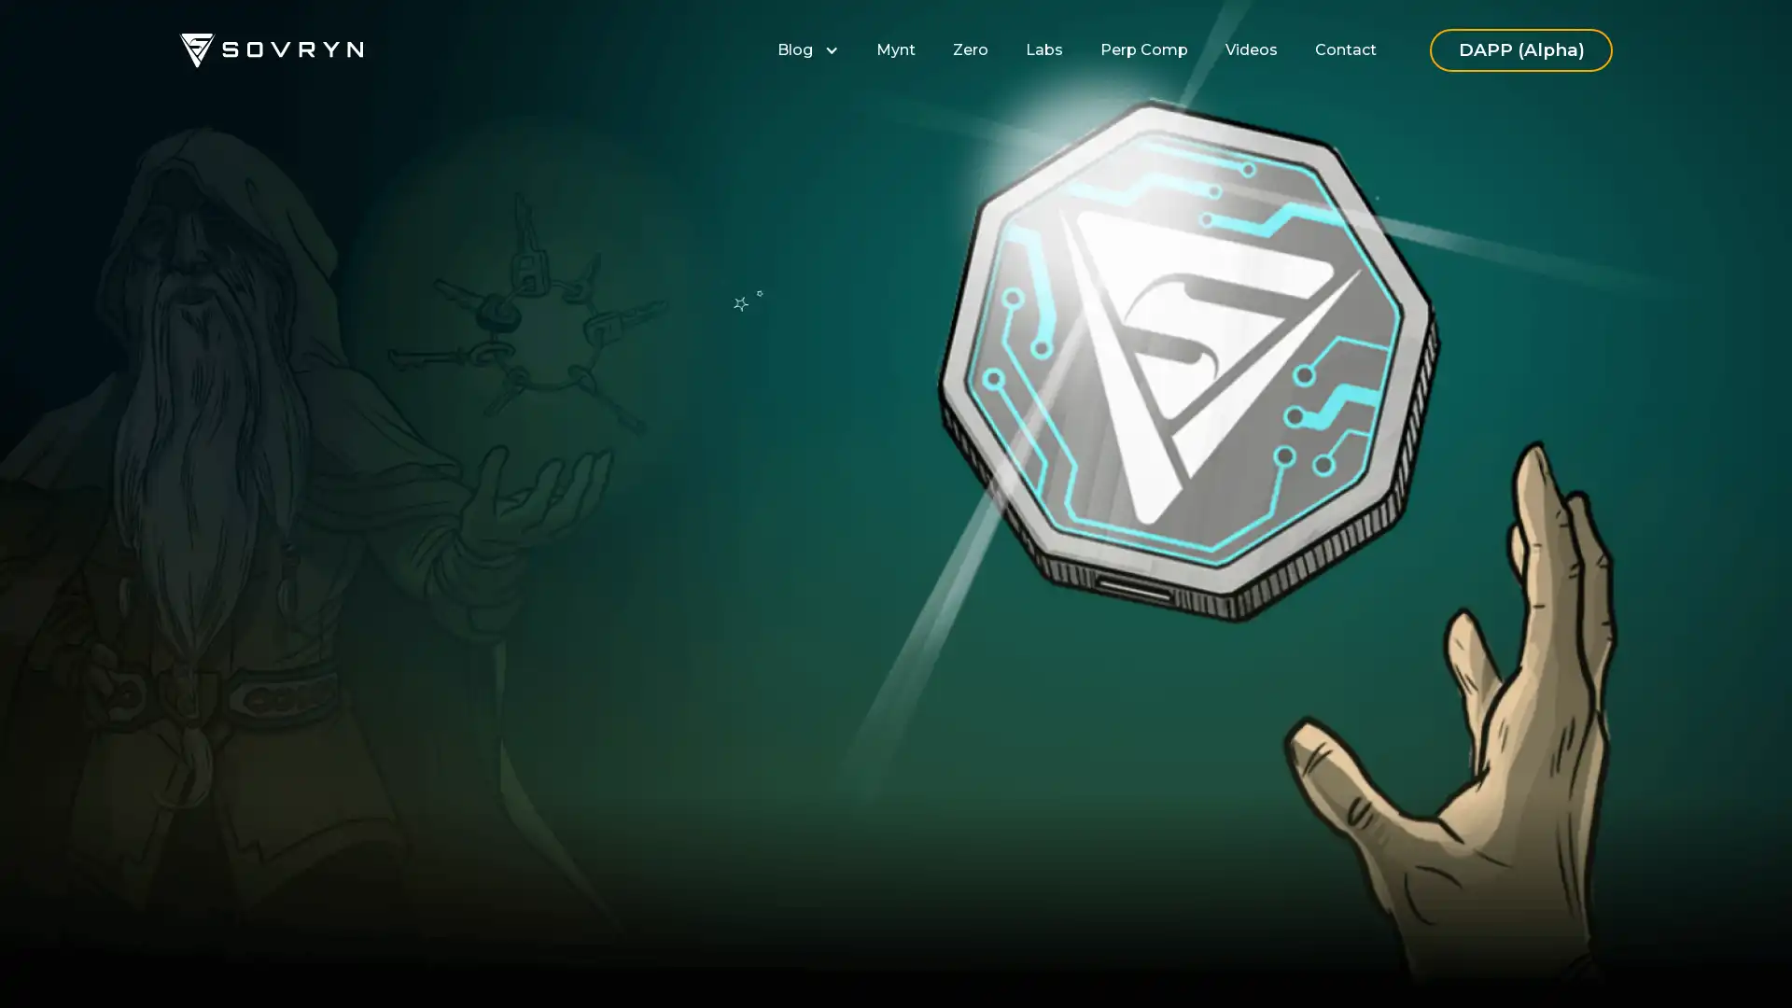 Image resolution: width=1792 pixels, height=1008 pixels. Describe the element at coordinates (668, 624) in the screenshot. I see `Sign me up!` at that location.